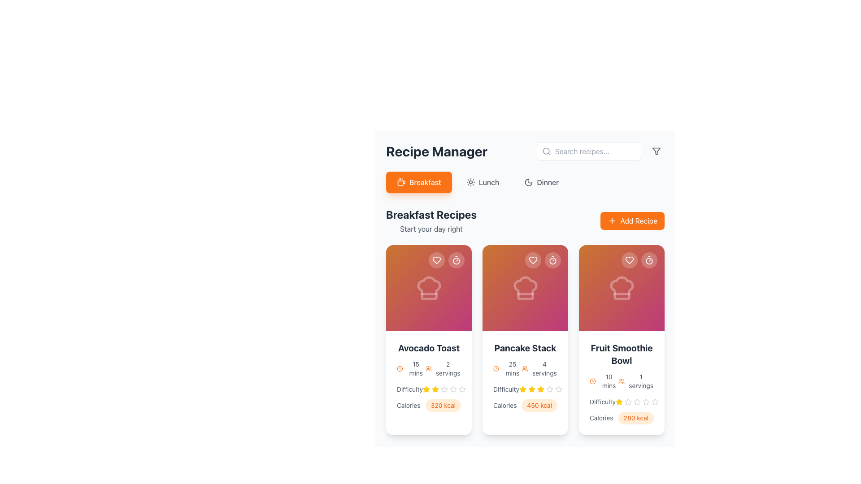 This screenshot has width=861, height=484. Describe the element at coordinates (408, 406) in the screenshot. I see `the 'Calories' text label displayed in gray color, styled with a modern sans-serif font, located at the bottom-left area of the 'Avocado Toast' recipe card for information` at that location.